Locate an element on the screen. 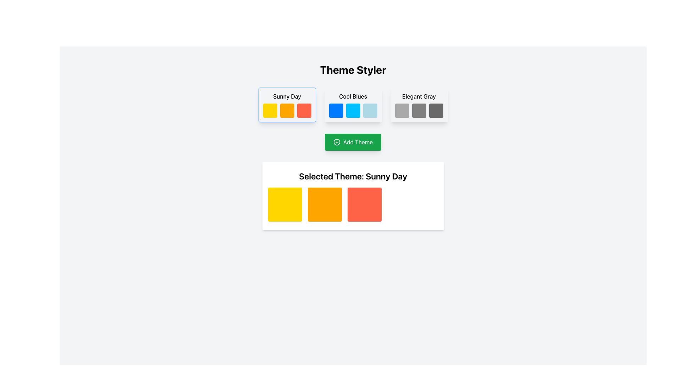 The width and height of the screenshot is (681, 383). the middle square color swatch representing the 'Elegant Gray' theme in the Theme Styler section is located at coordinates (419, 105).